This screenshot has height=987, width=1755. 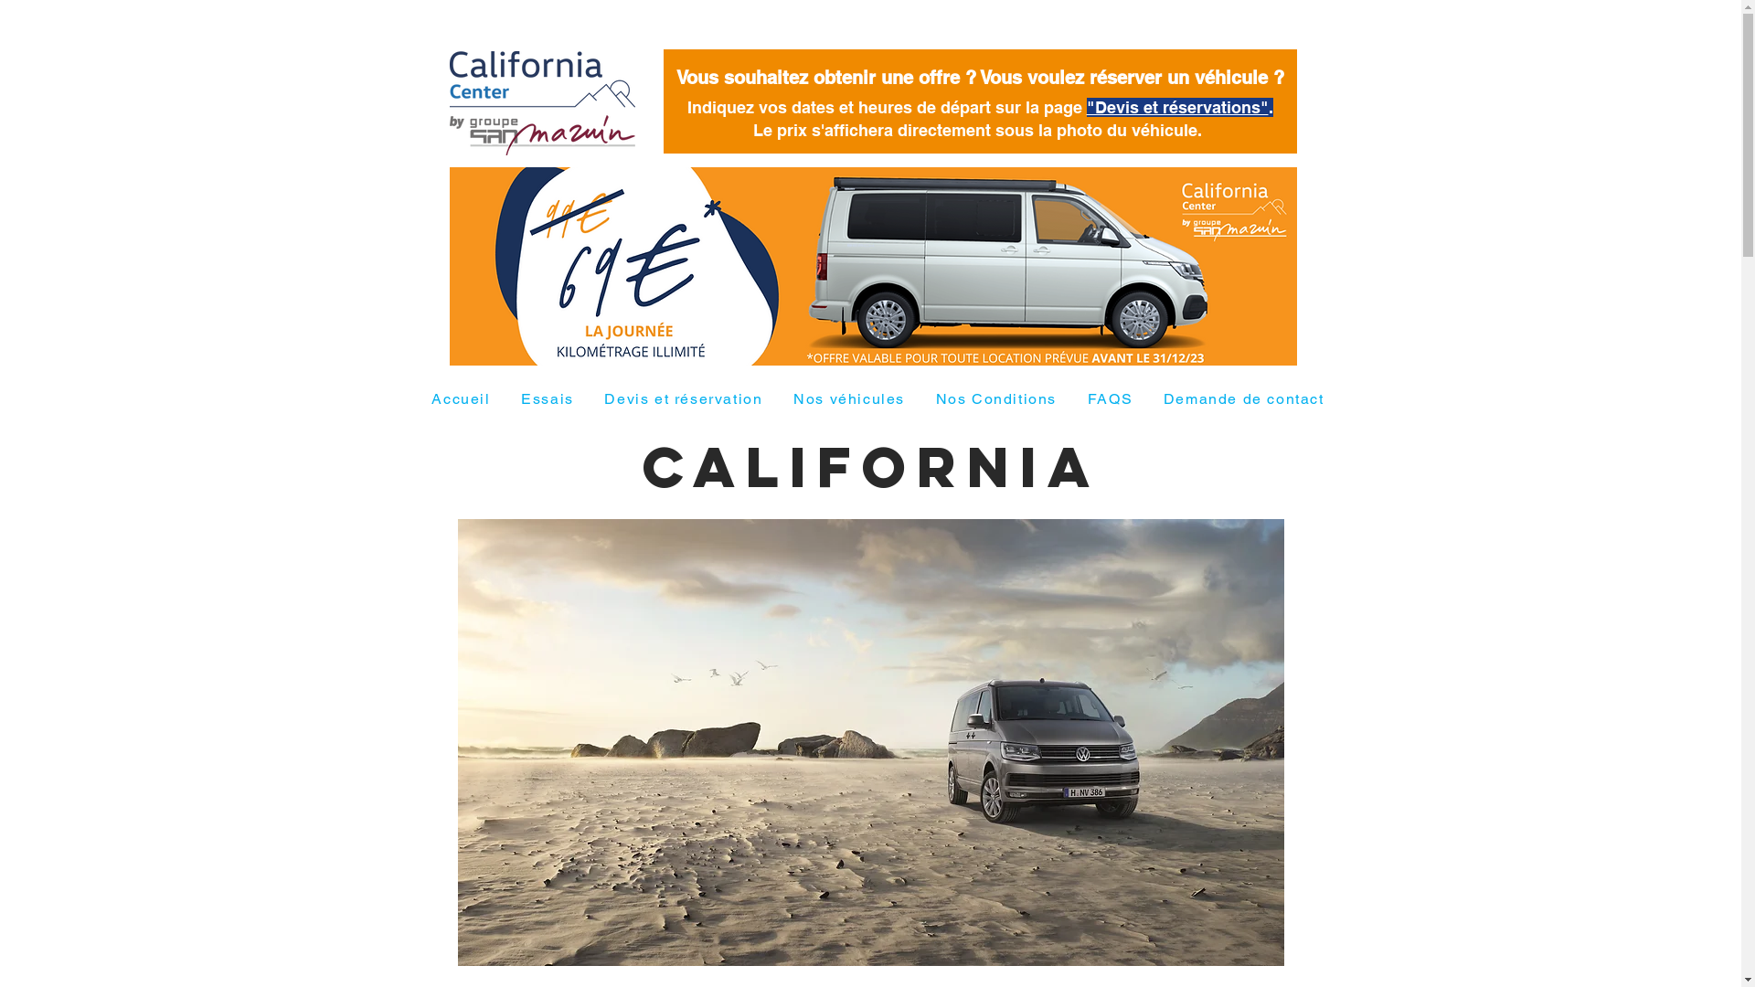 I want to click on 'Demande de contact', so click(x=1243, y=398).